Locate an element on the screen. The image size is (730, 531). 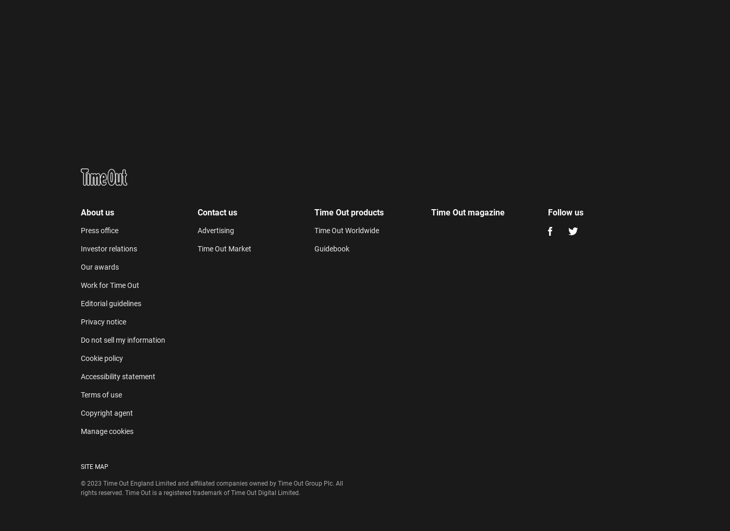
'Do not sell my information' is located at coordinates (80, 340).